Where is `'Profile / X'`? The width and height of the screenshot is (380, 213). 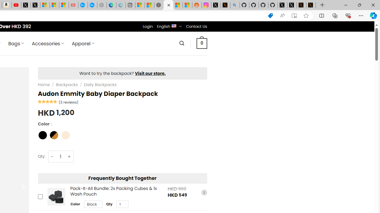 'Profile / X' is located at coordinates (282, 5).